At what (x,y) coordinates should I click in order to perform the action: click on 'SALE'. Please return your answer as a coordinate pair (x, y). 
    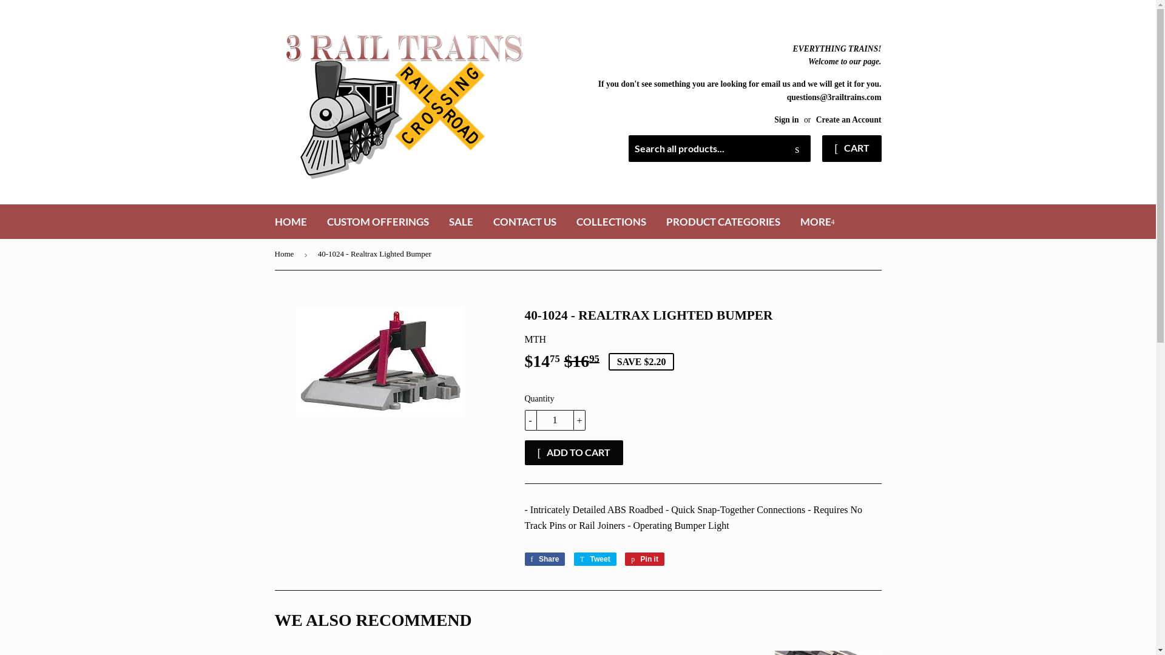
    Looking at the image, I should click on (459, 221).